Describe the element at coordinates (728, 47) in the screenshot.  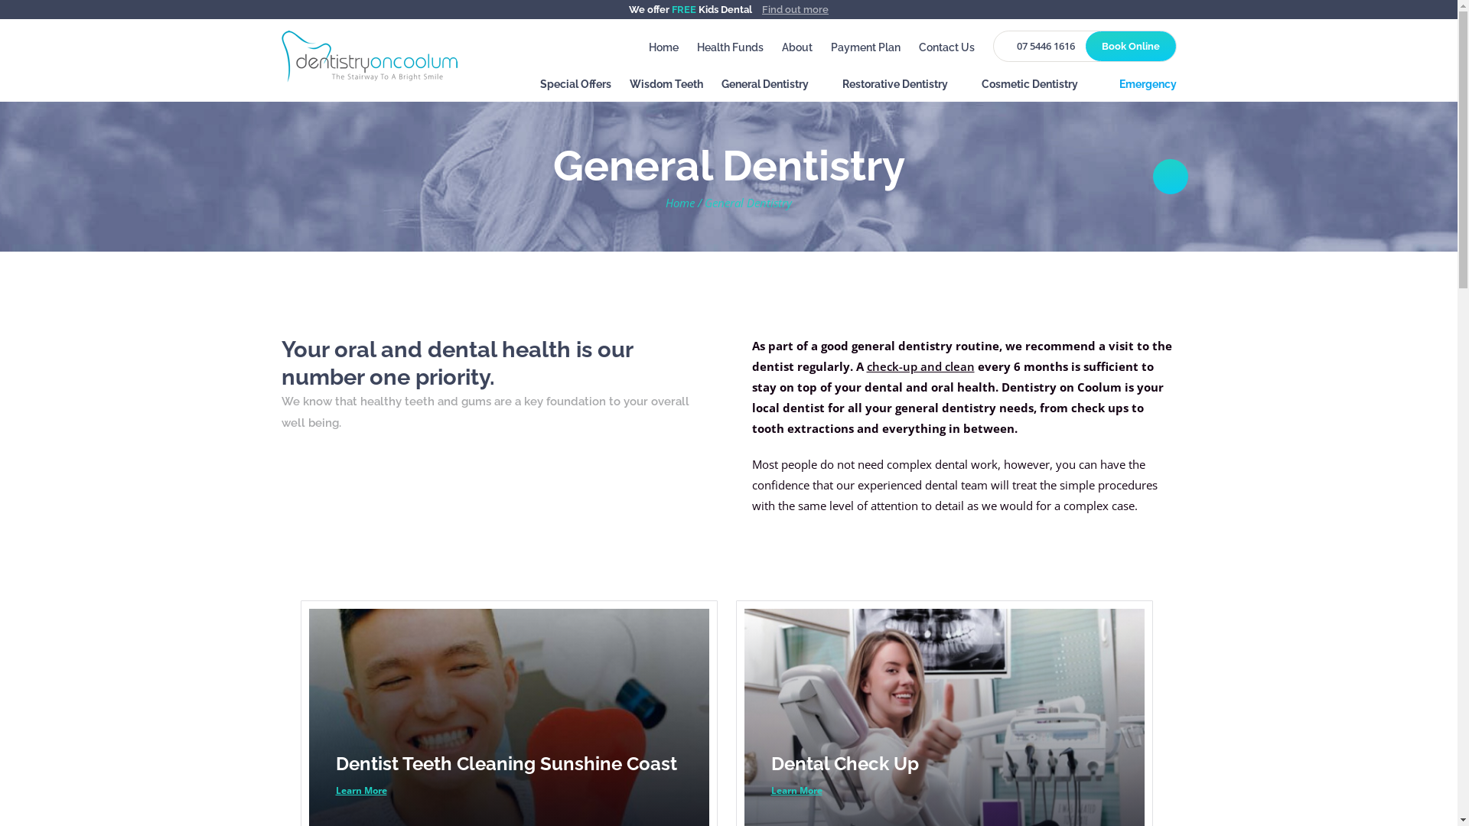
I see `'Health Funds'` at that location.